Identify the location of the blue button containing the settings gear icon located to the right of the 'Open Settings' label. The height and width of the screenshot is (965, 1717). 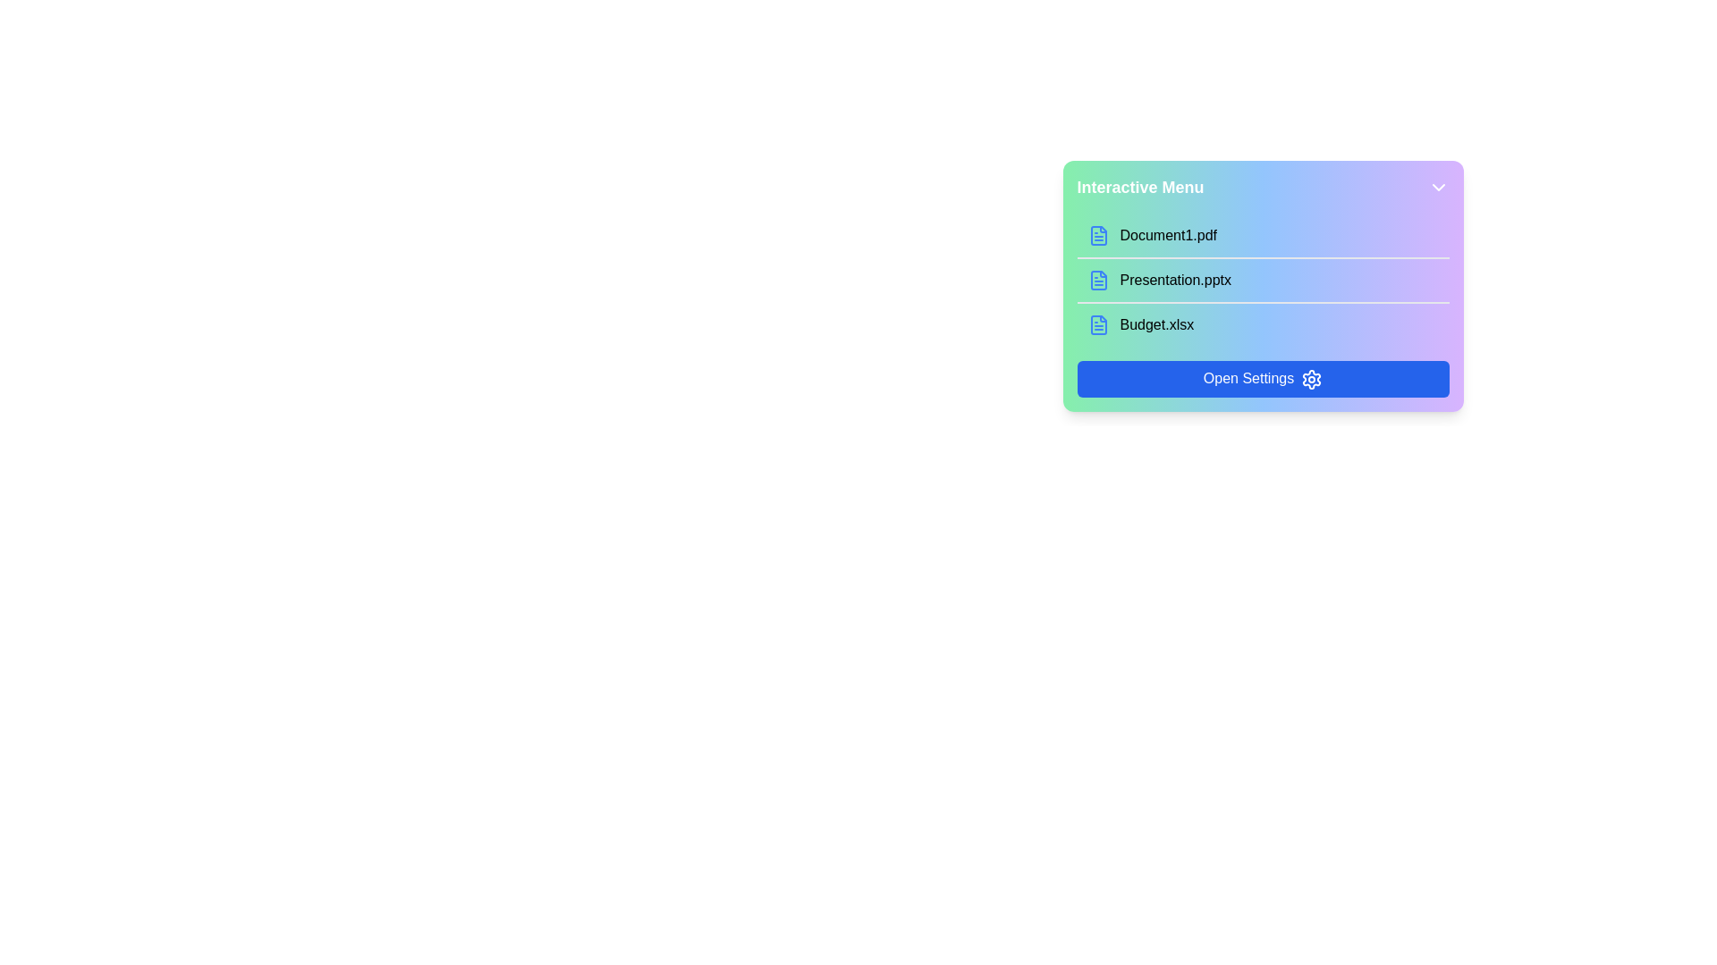
(1312, 378).